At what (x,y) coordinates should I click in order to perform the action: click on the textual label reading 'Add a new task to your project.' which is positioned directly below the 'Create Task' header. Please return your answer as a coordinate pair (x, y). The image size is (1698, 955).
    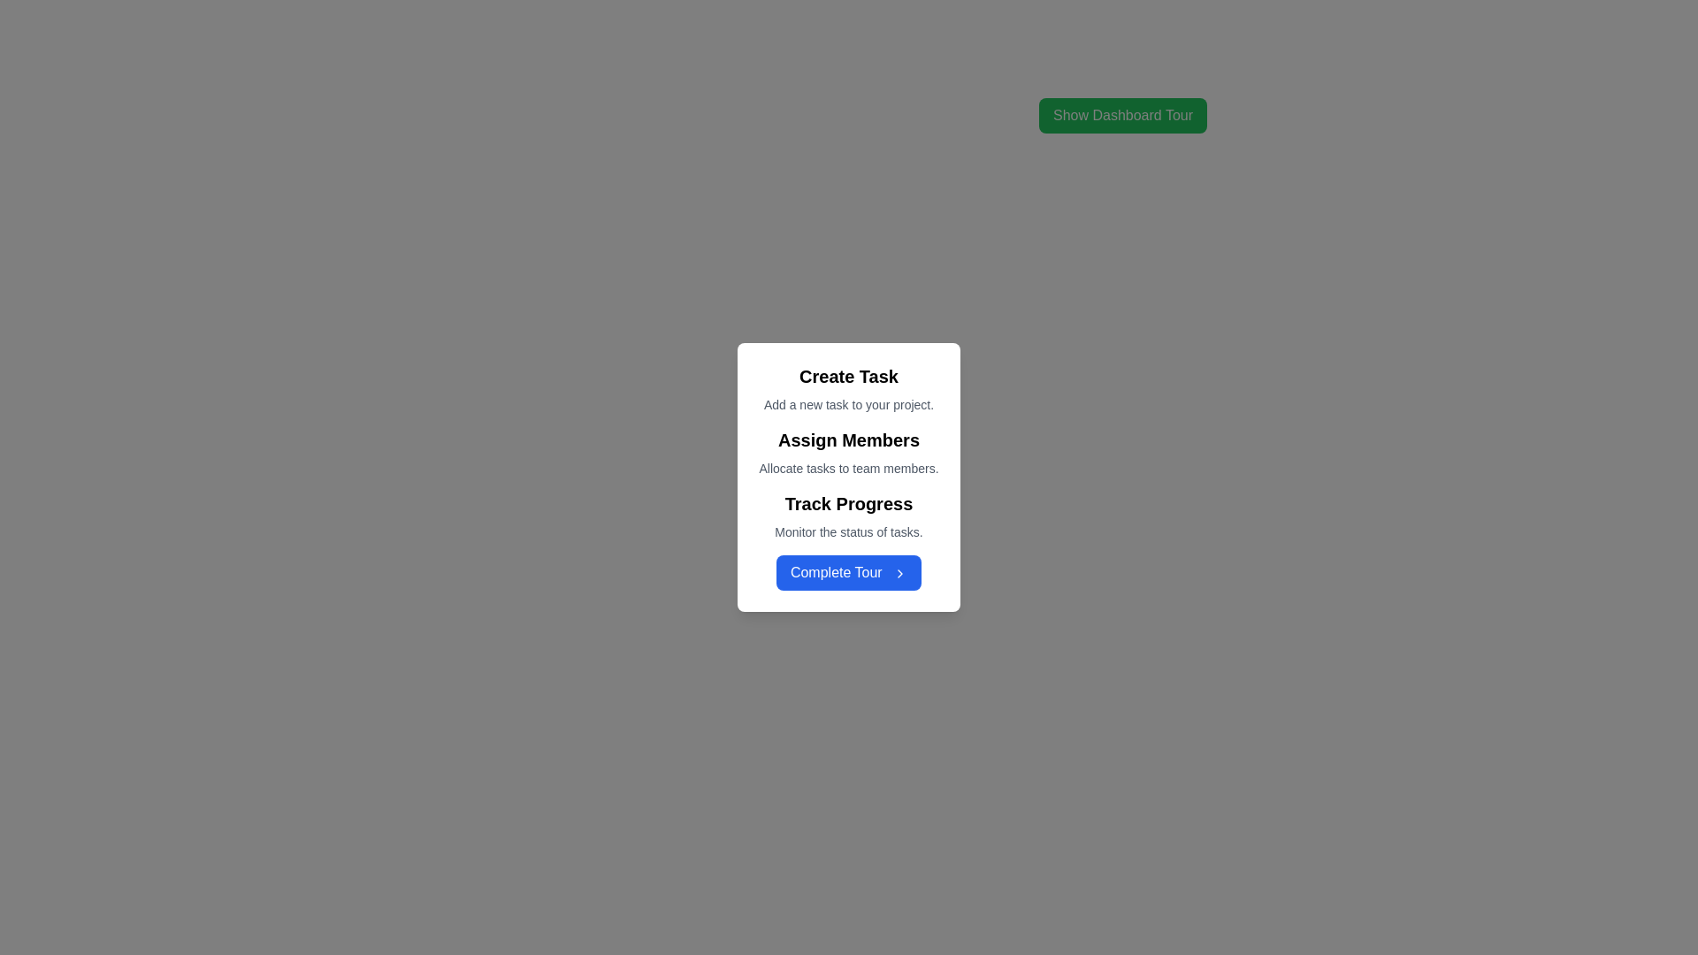
    Looking at the image, I should click on (849, 405).